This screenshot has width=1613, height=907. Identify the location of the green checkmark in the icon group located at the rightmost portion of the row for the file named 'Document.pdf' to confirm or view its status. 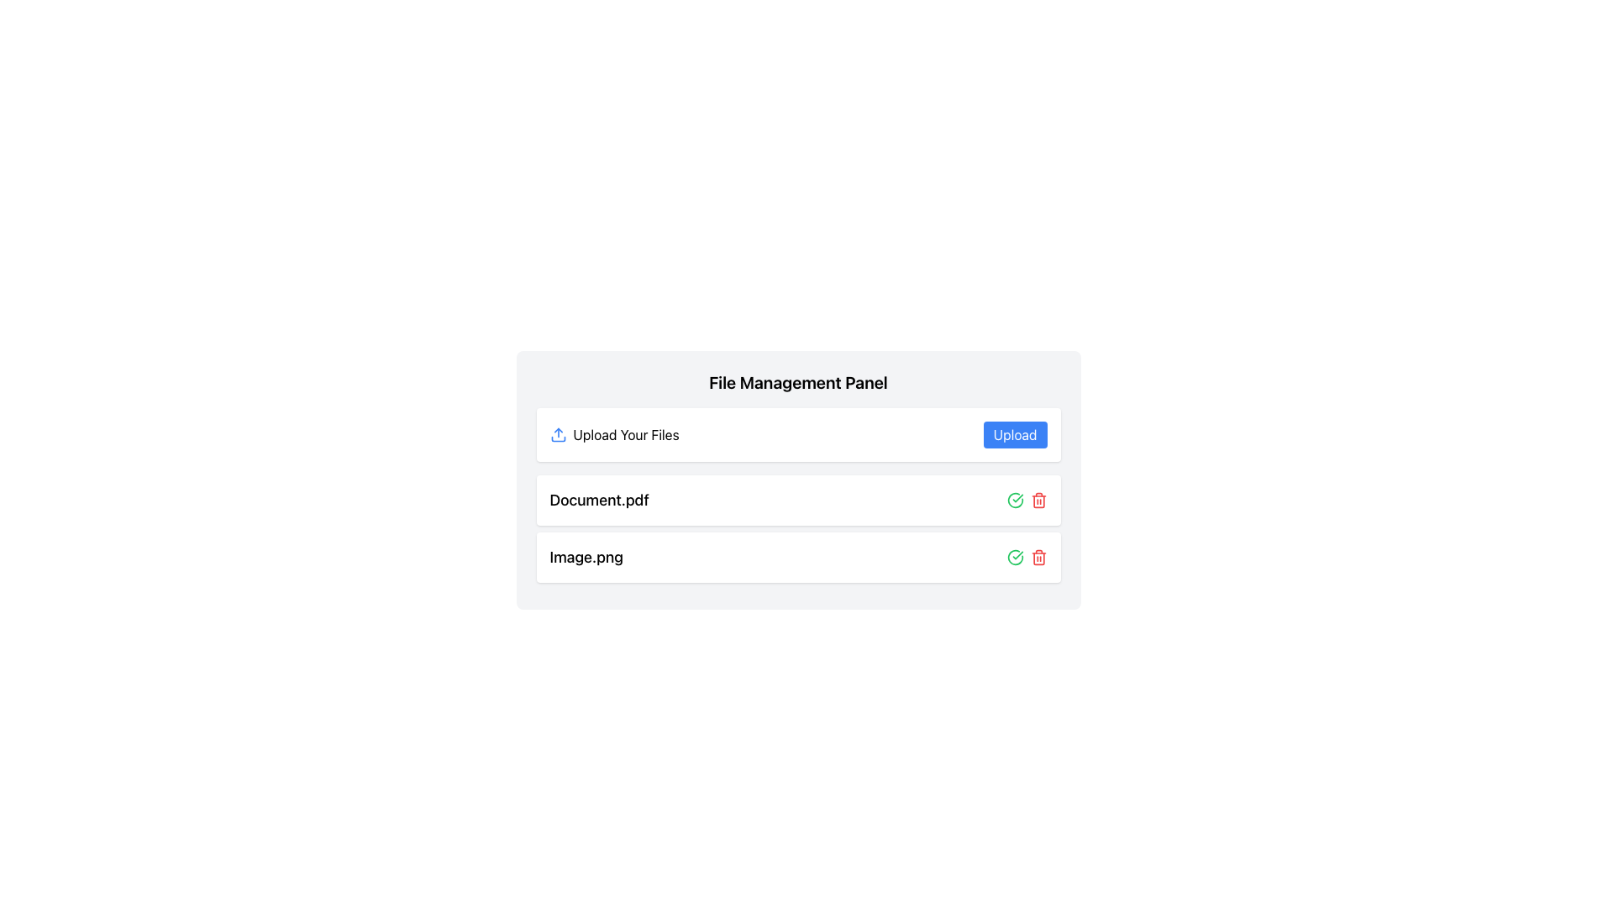
(1026, 500).